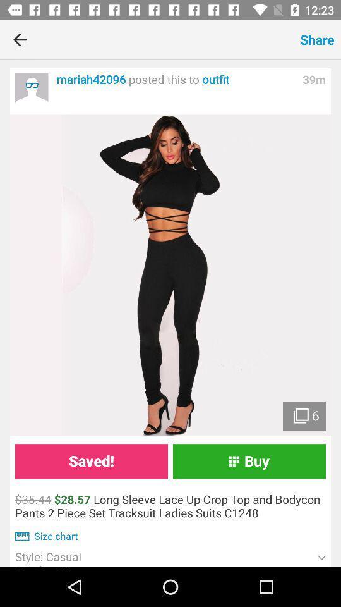 The image size is (341, 607). Describe the element at coordinates (170, 275) in the screenshot. I see `the item at the center` at that location.